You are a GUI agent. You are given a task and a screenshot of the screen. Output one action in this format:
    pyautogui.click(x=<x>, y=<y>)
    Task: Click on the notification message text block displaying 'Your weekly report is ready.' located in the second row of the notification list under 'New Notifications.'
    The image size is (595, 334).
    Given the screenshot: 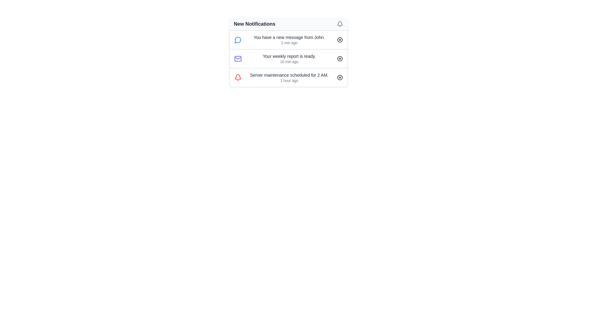 What is the action you would take?
    pyautogui.click(x=289, y=58)
    